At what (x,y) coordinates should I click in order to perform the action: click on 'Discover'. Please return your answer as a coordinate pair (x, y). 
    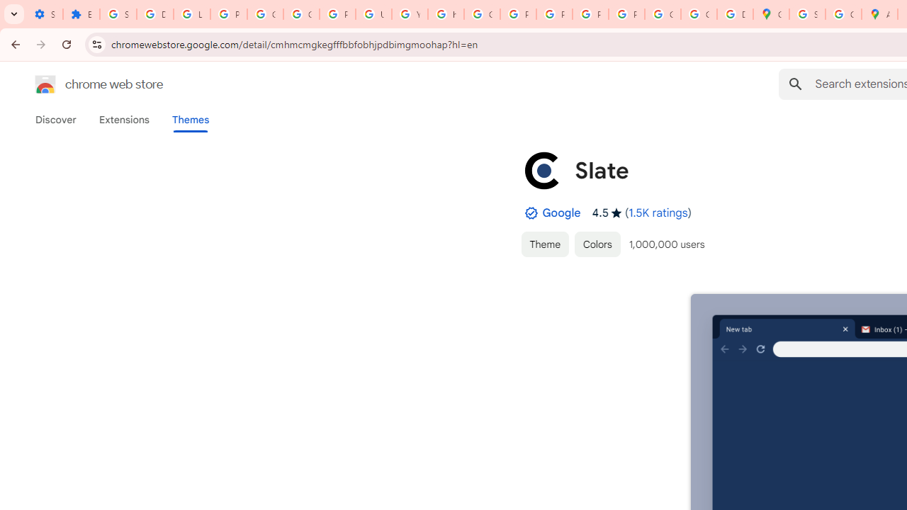
    Looking at the image, I should click on (56, 119).